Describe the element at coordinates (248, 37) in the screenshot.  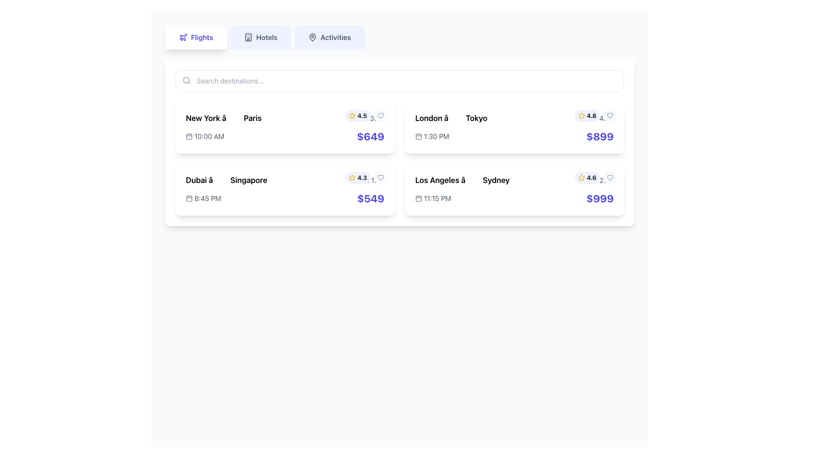
I see `the 'Hotels' tab icon located in the upper section of the interface, aligned left of its label text` at that location.